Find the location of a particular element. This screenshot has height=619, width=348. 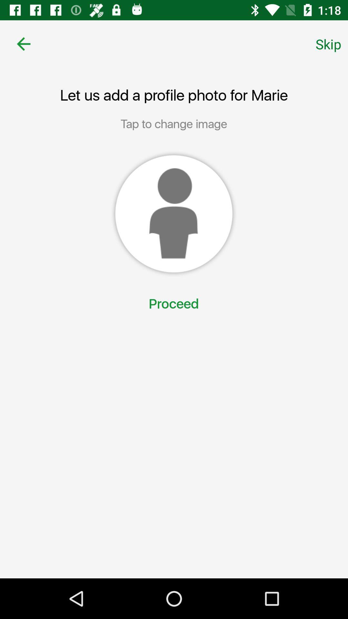

the skip is located at coordinates (328, 44).